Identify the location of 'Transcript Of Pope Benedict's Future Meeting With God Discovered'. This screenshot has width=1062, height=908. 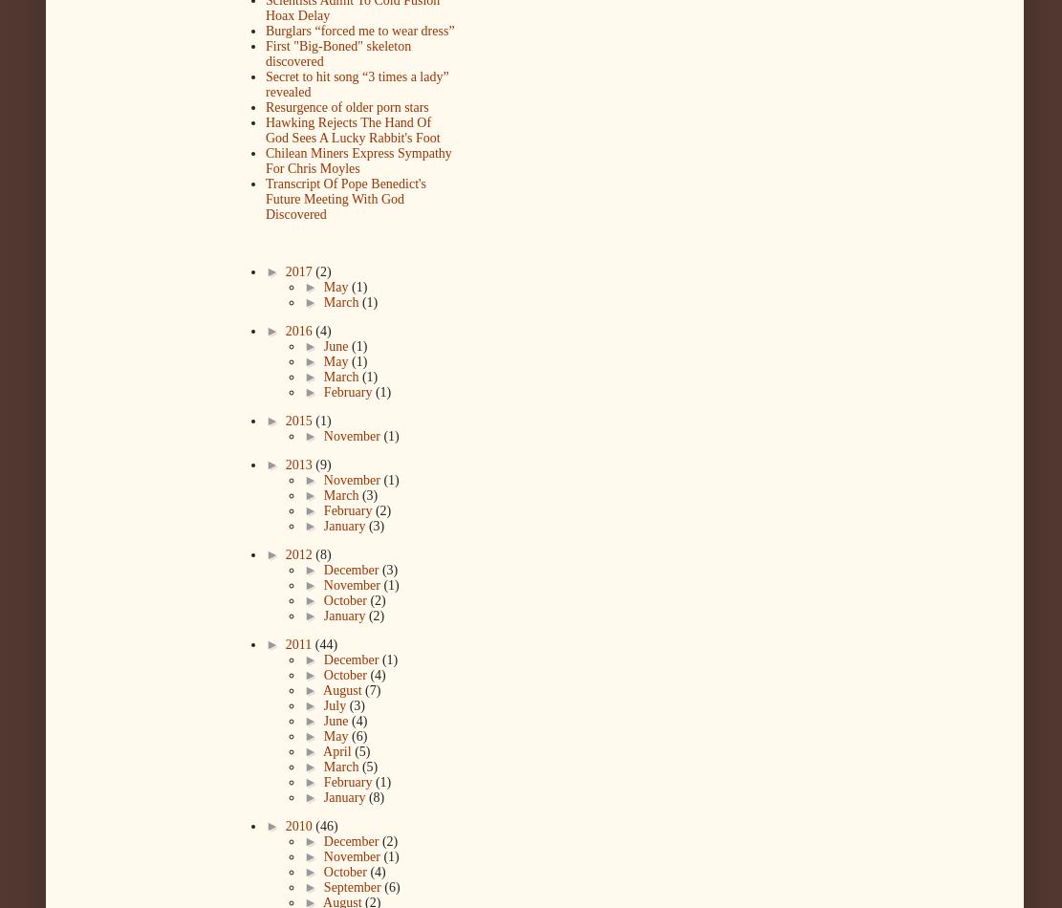
(344, 199).